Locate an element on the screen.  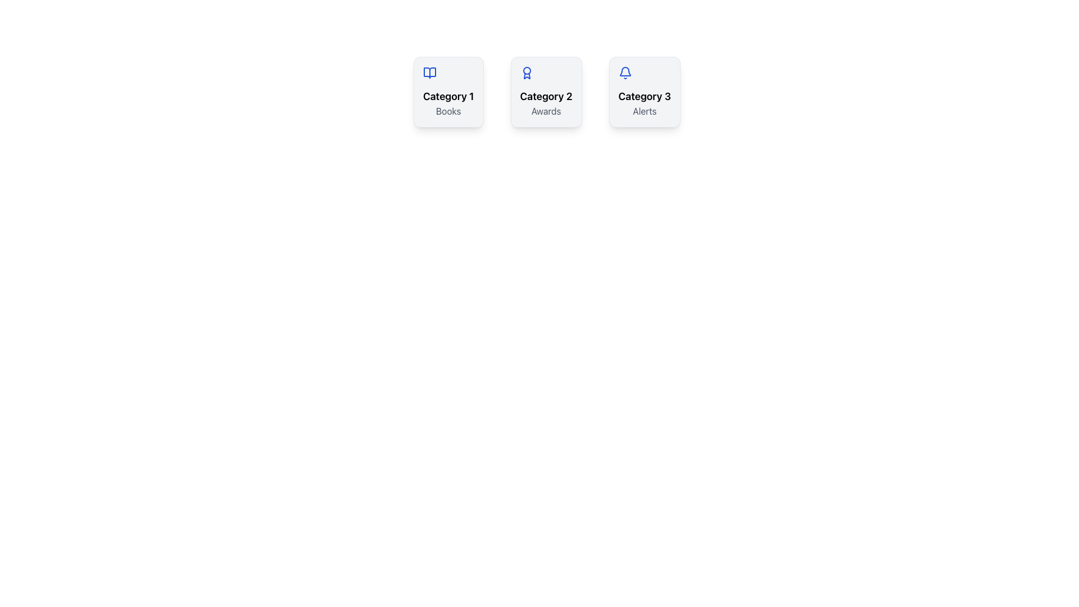
the bell-shaped icon with a blue stroke located in the 'Category 3' card, positioned above the text 'Category 3' and 'Alerts' is located at coordinates (624, 73).